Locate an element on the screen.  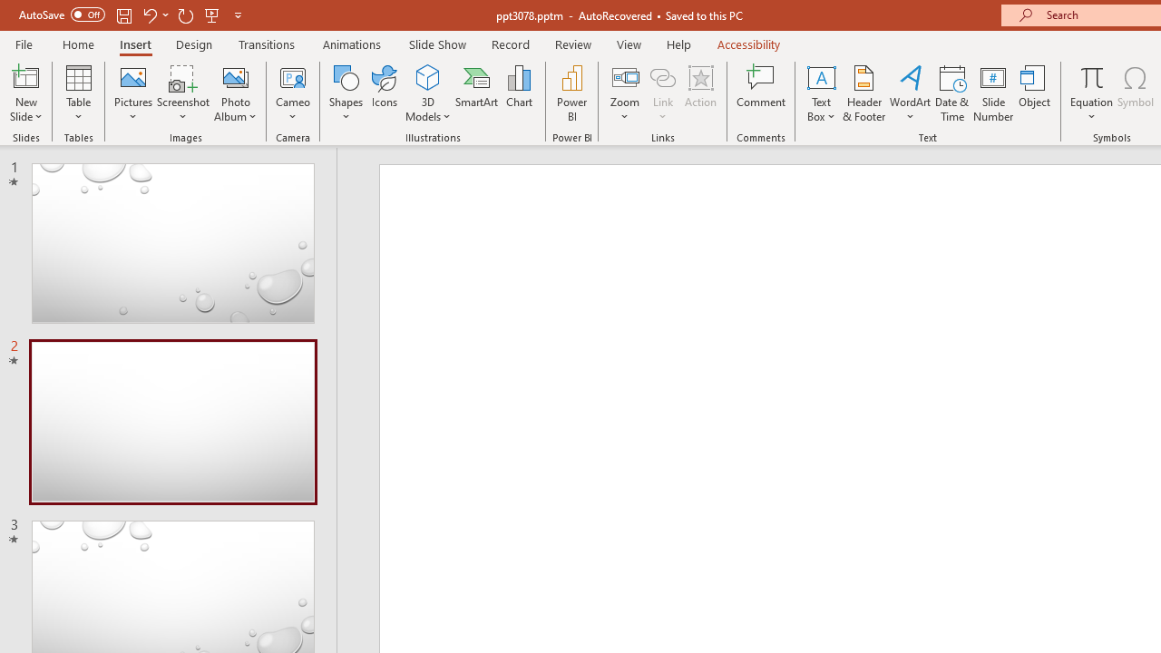
'Header & Footer...' is located at coordinates (863, 93).